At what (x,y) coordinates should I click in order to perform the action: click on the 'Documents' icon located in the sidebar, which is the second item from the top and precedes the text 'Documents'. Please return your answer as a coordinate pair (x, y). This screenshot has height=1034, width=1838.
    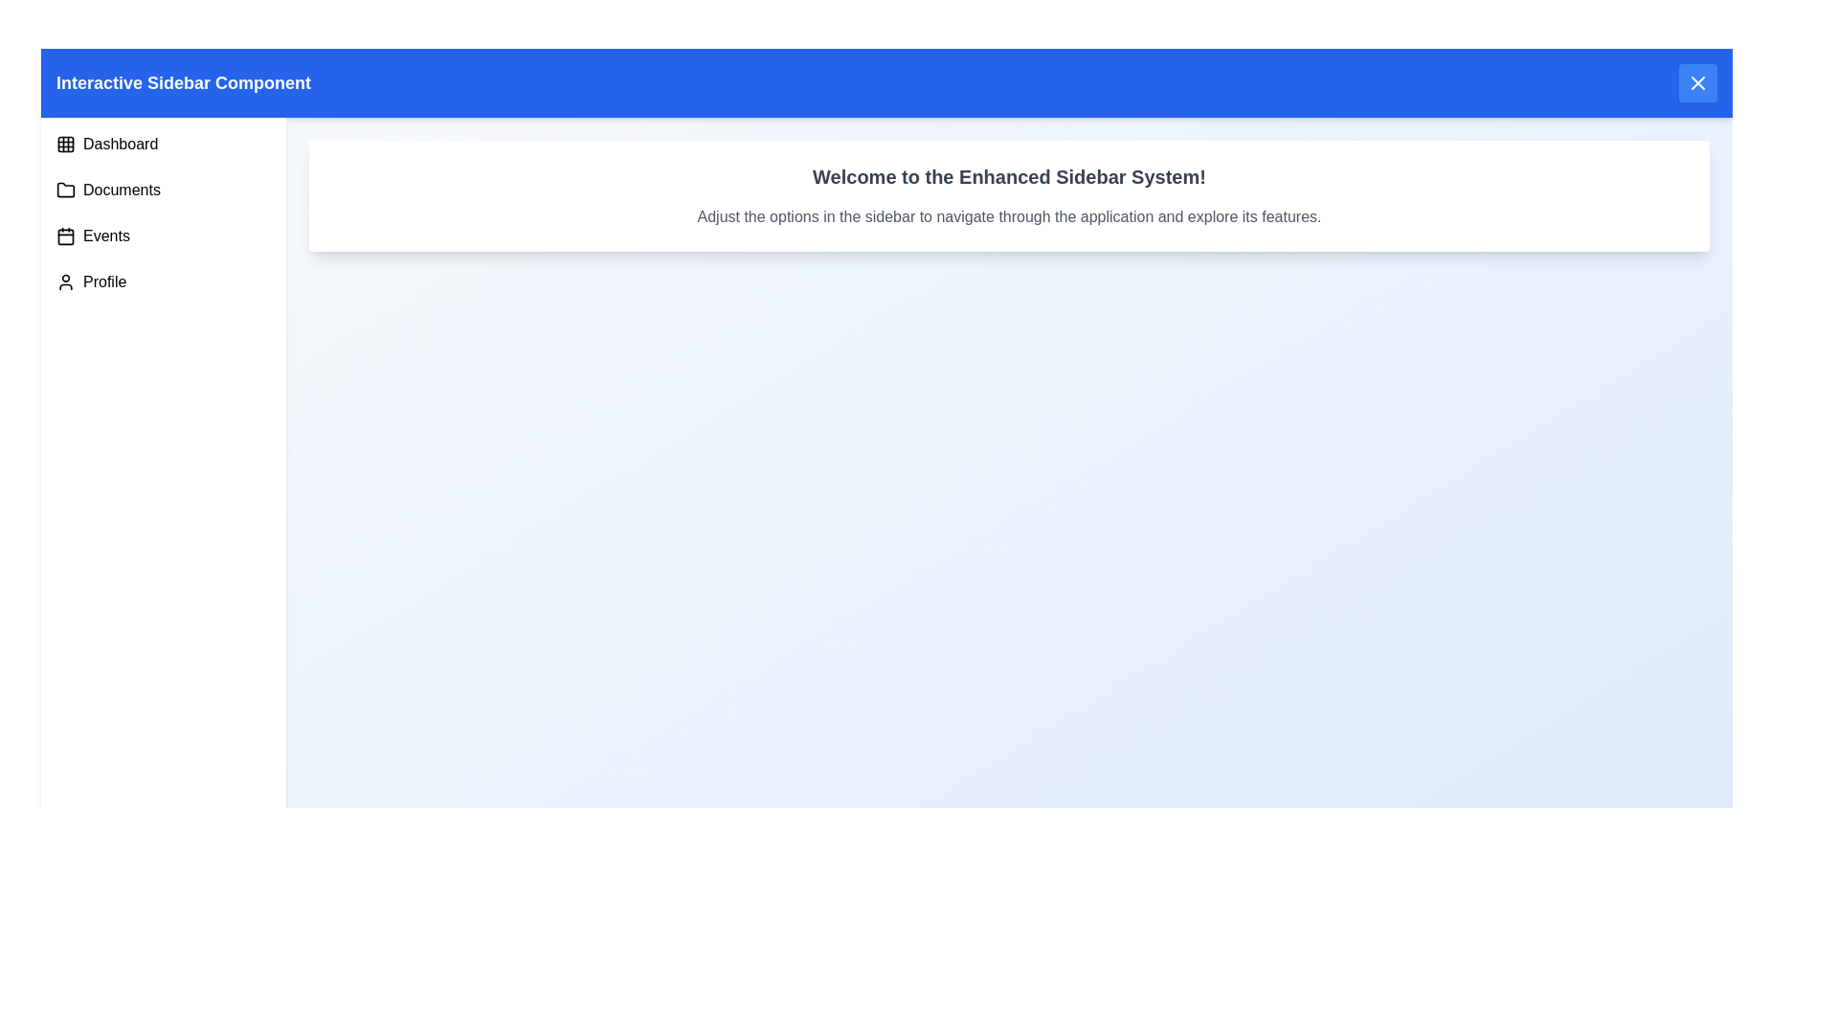
    Looking at the image, I should click on (65, 191).